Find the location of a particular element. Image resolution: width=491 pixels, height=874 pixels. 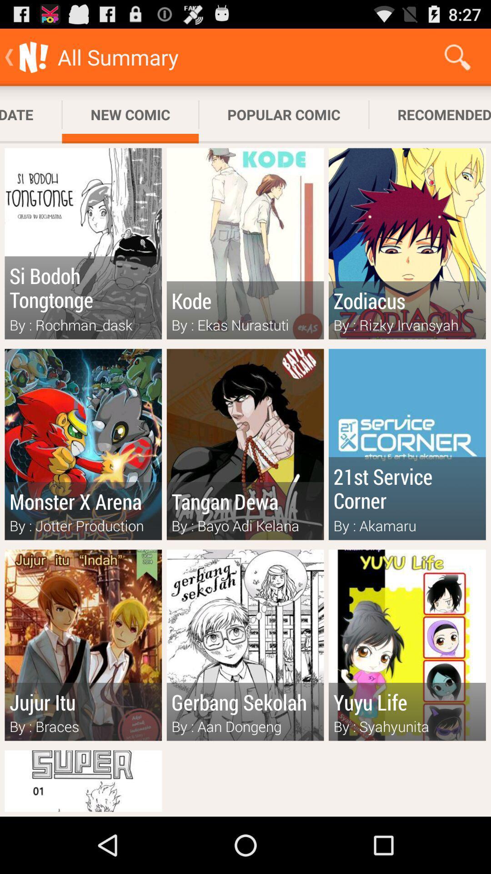

icon to the right of popular comic is located at coordinates (457, 56).